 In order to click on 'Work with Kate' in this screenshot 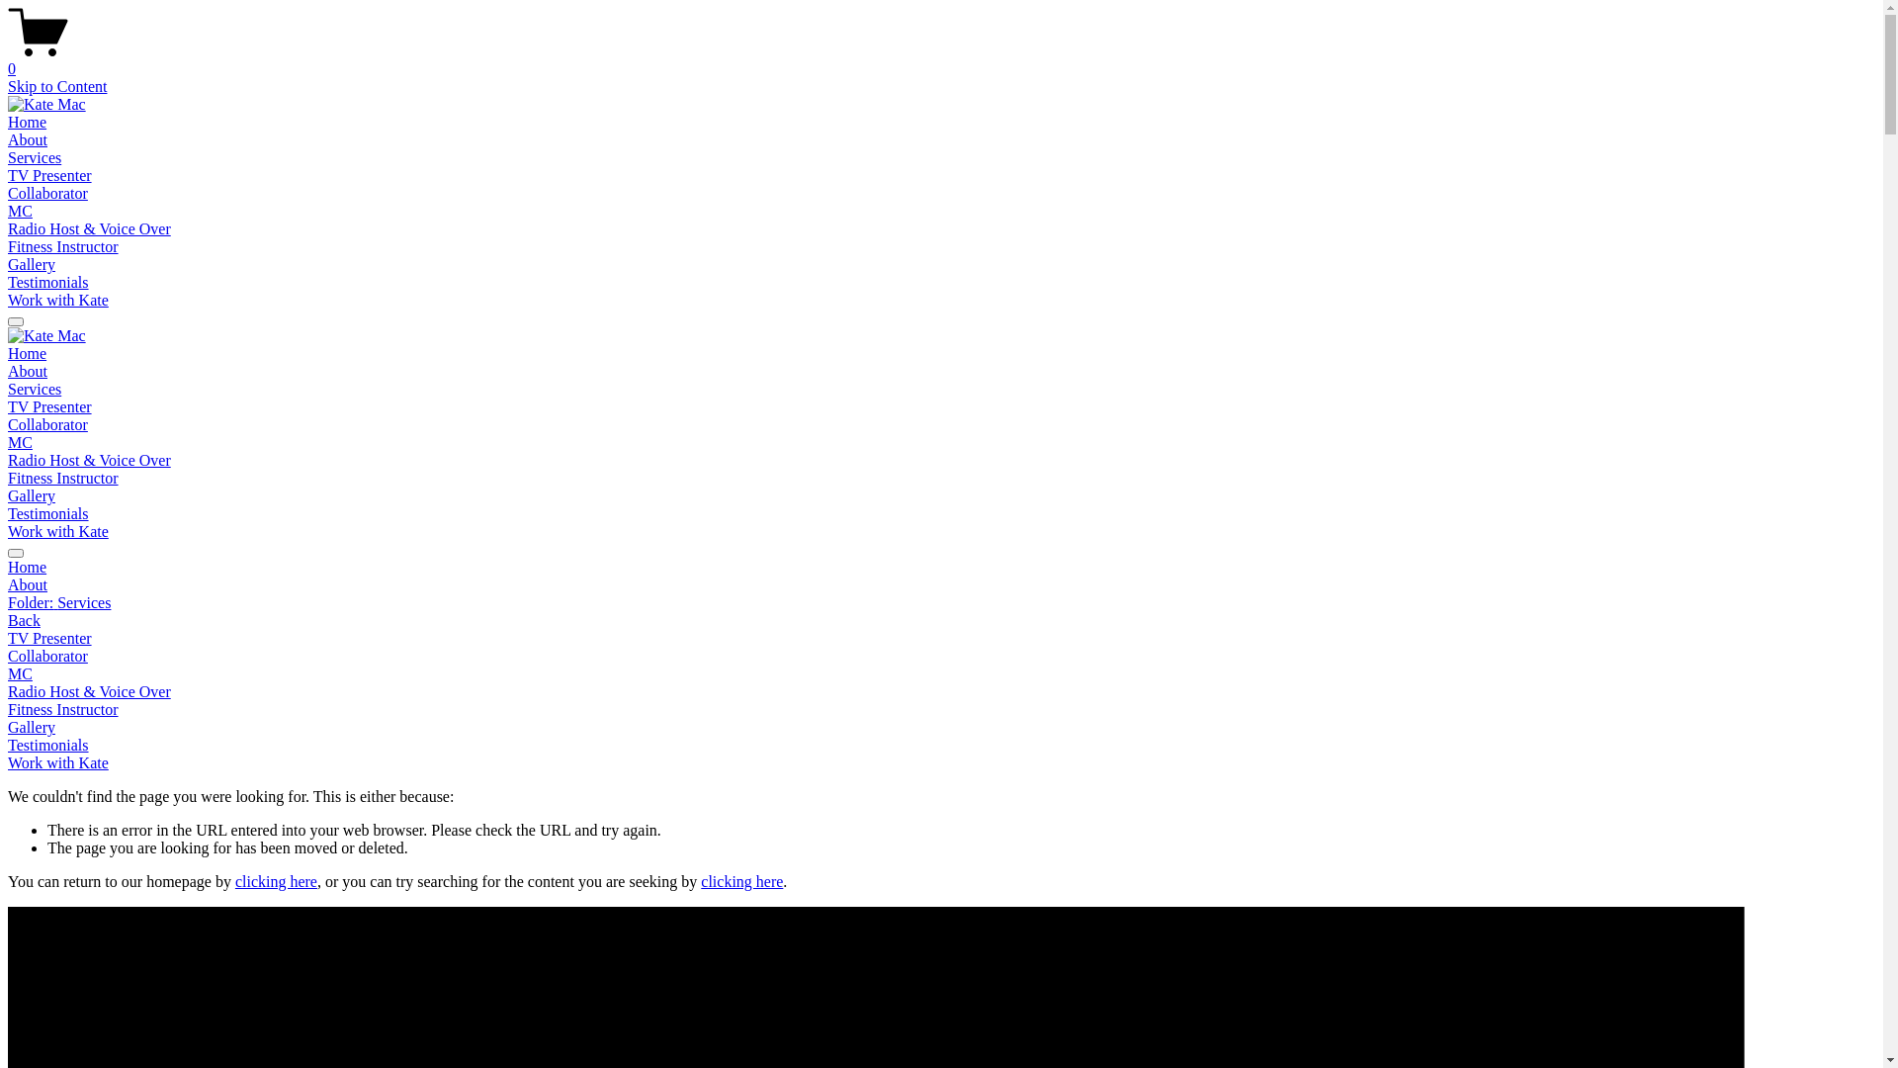, I will do `click(8, 300)`.